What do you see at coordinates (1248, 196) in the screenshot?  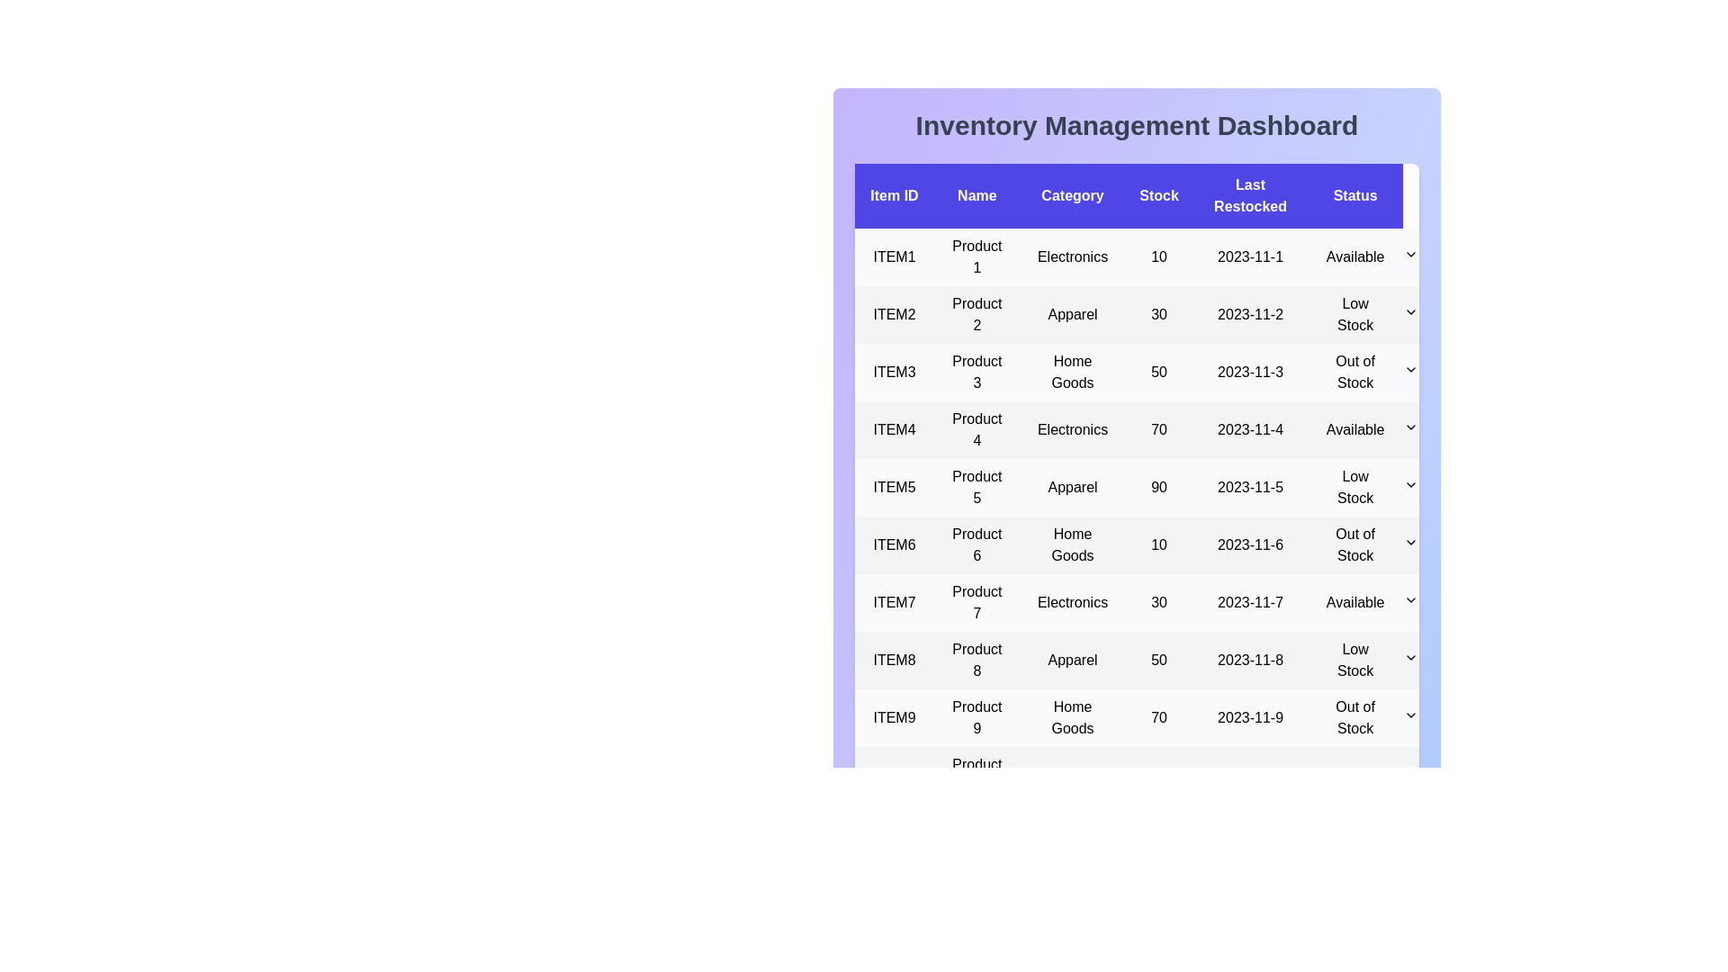 I see `the column header Last Restocked to sort the data by that column` at bounding box center [1248, 196].